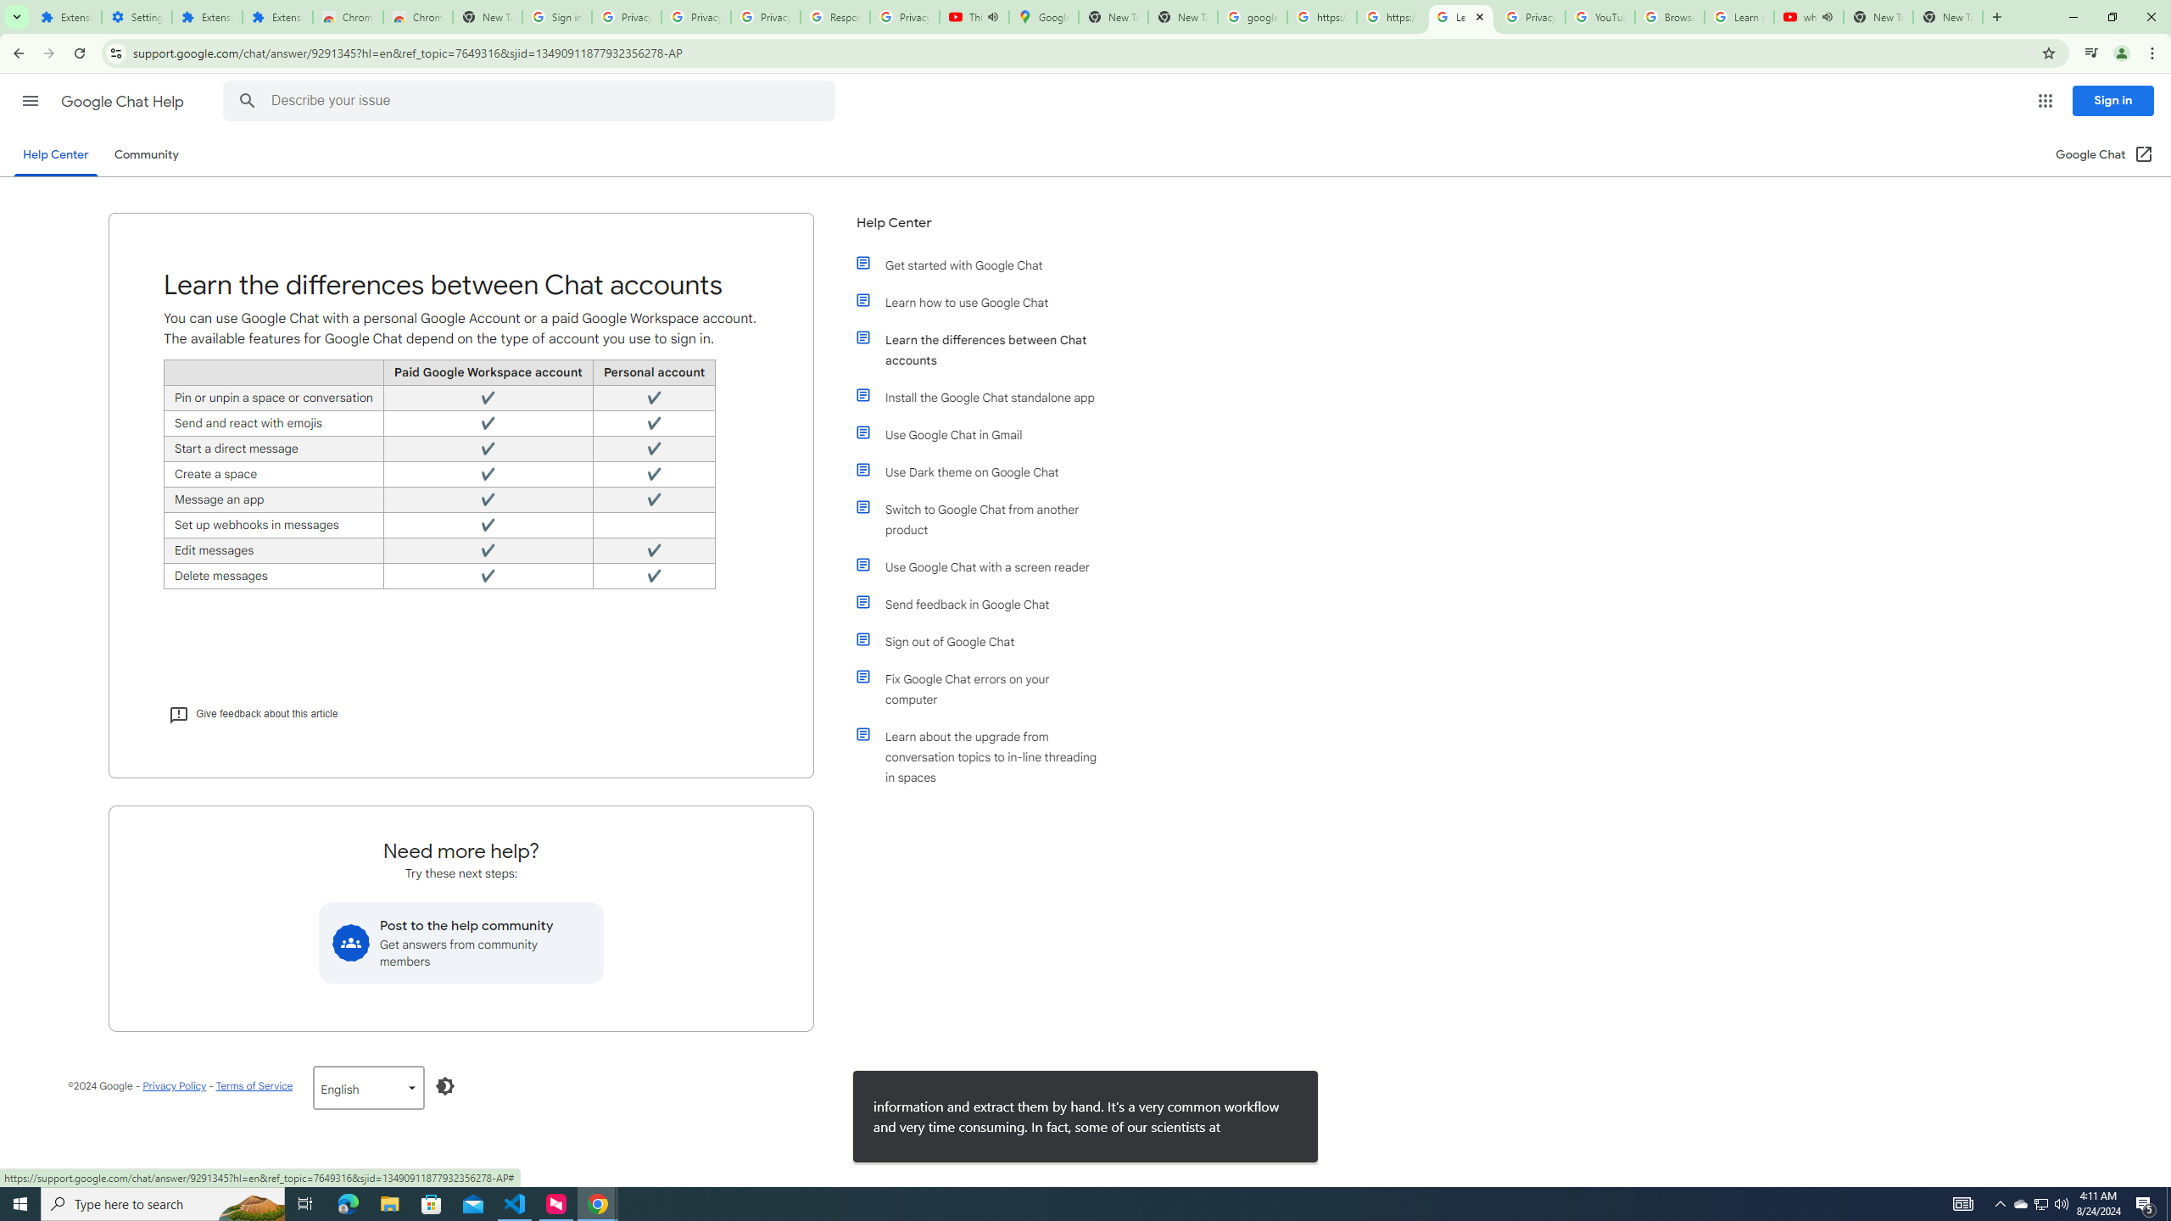  I want to click on 'Community', so click(145, 153).